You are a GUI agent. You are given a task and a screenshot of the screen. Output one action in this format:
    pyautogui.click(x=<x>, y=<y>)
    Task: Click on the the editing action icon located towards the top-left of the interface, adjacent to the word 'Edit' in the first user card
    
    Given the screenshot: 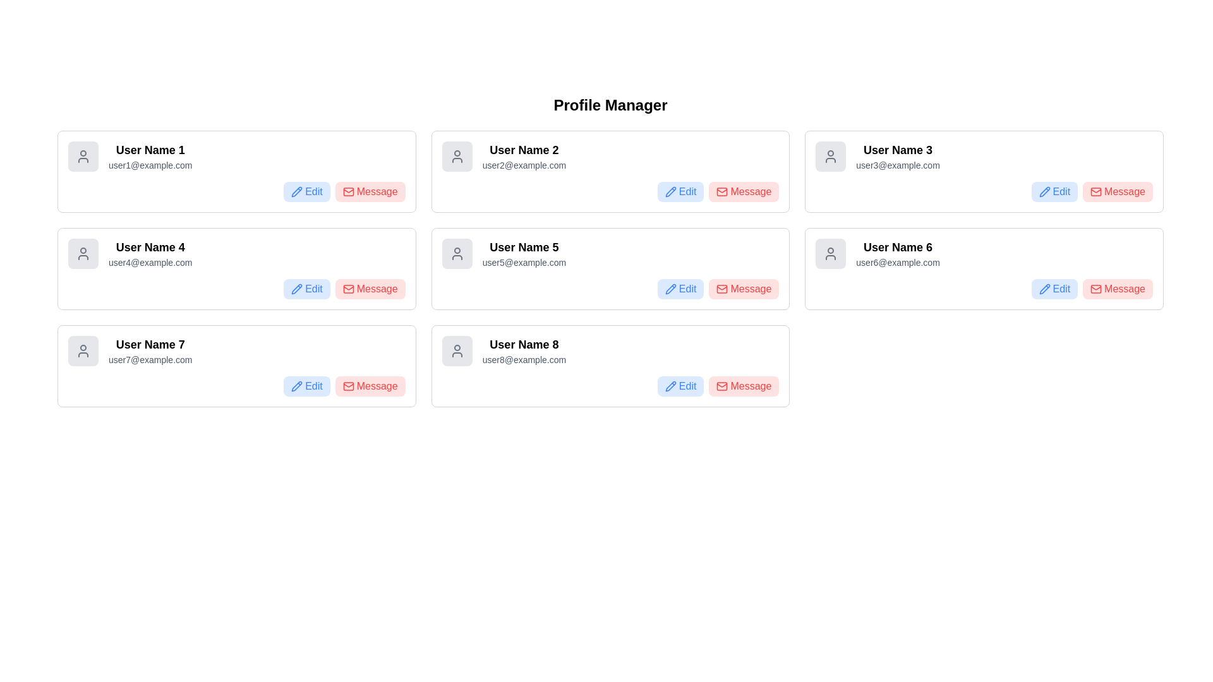 What is the action you would take?
    pyautogui.click(x=296, y=192)
    